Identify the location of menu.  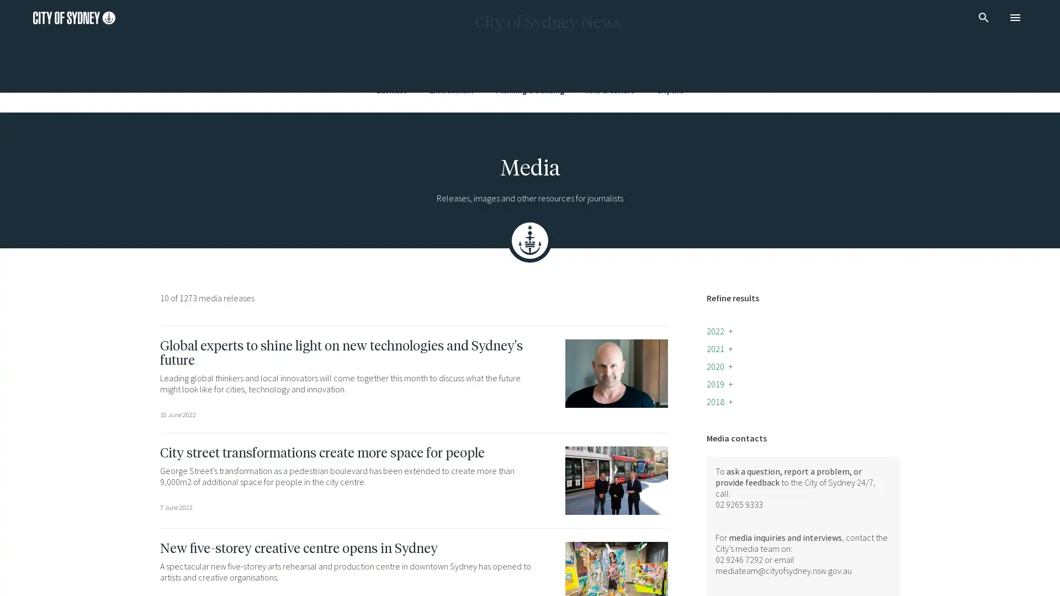
(1015, 17).